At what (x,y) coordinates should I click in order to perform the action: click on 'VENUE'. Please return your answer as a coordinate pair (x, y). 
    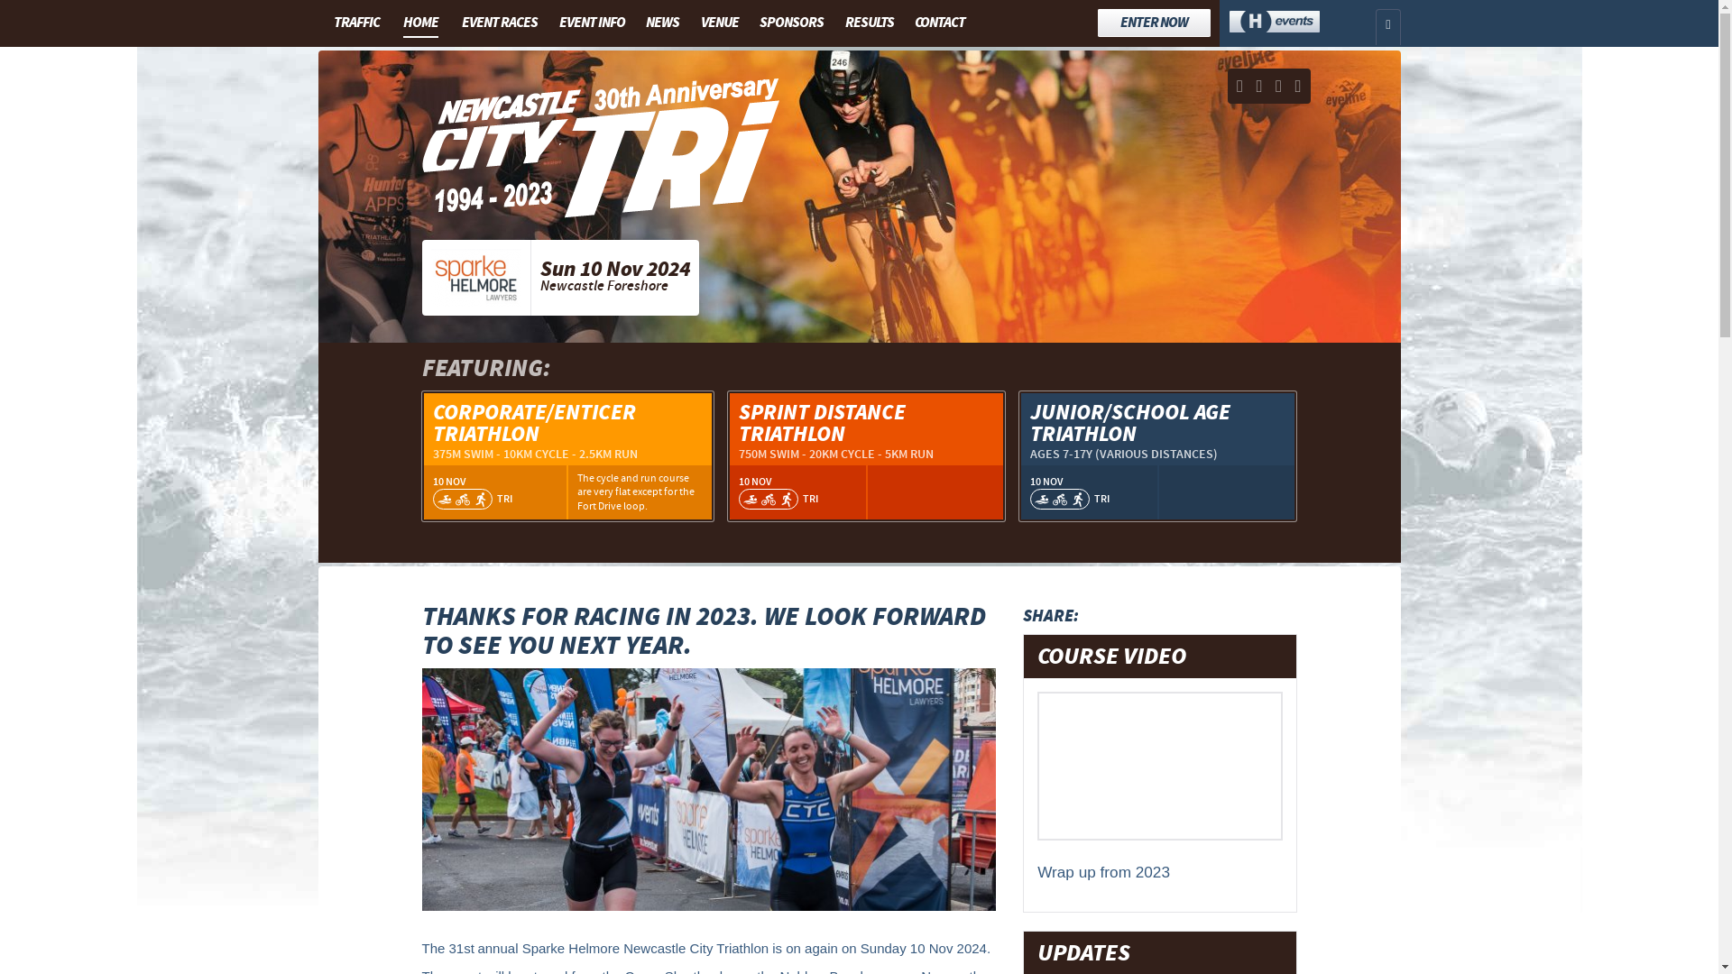
    Looking at the image, I should click on (718, 22).